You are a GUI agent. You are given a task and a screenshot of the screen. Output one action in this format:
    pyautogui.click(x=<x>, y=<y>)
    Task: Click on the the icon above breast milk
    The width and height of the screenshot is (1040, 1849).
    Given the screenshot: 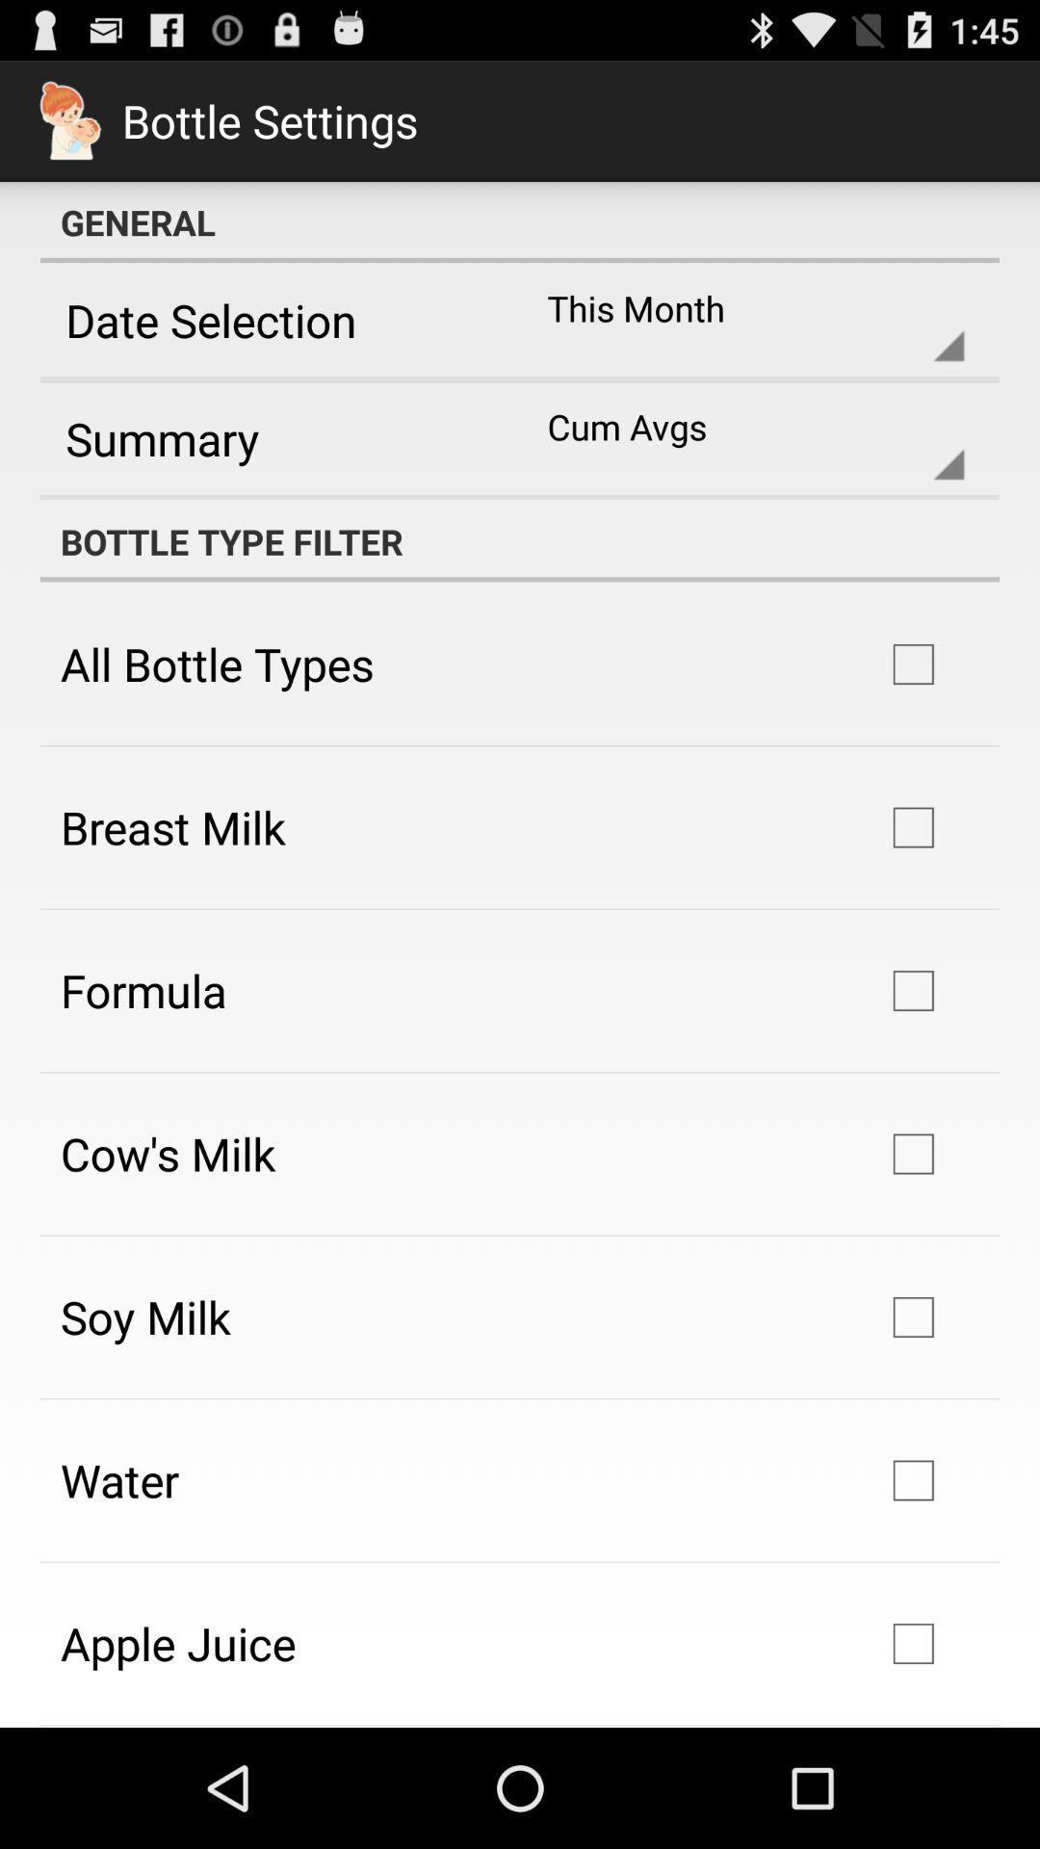 What is the action you would take?
    pyautogui.click(x=217, y=664)
    